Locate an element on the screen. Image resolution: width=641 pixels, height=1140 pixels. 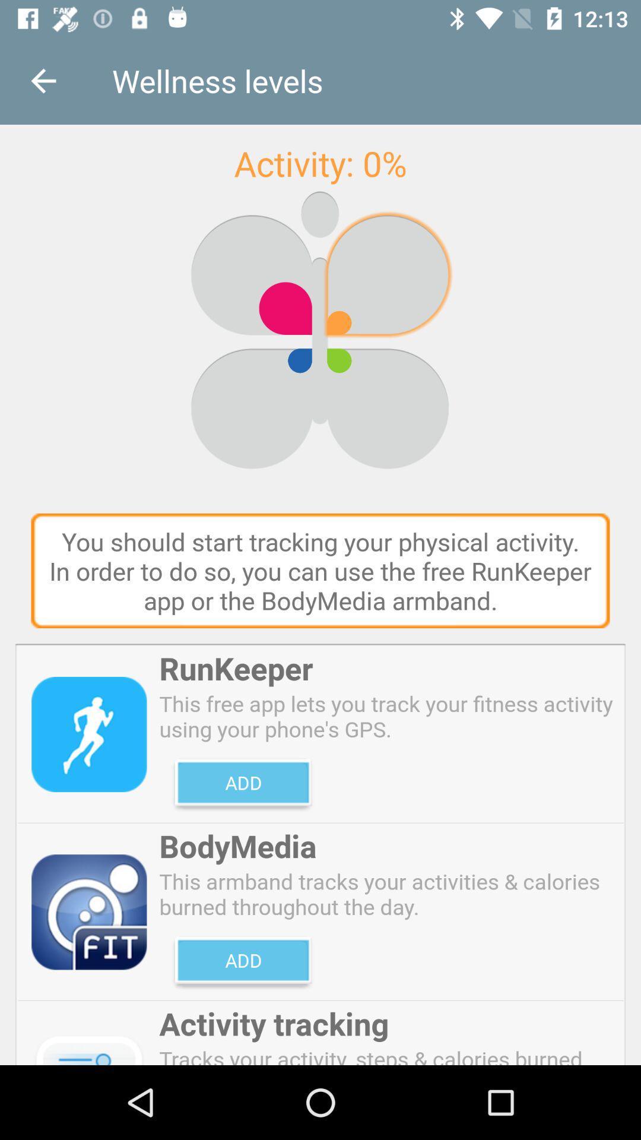
the item next to wellness levels item is located at coordinates (43, 80).